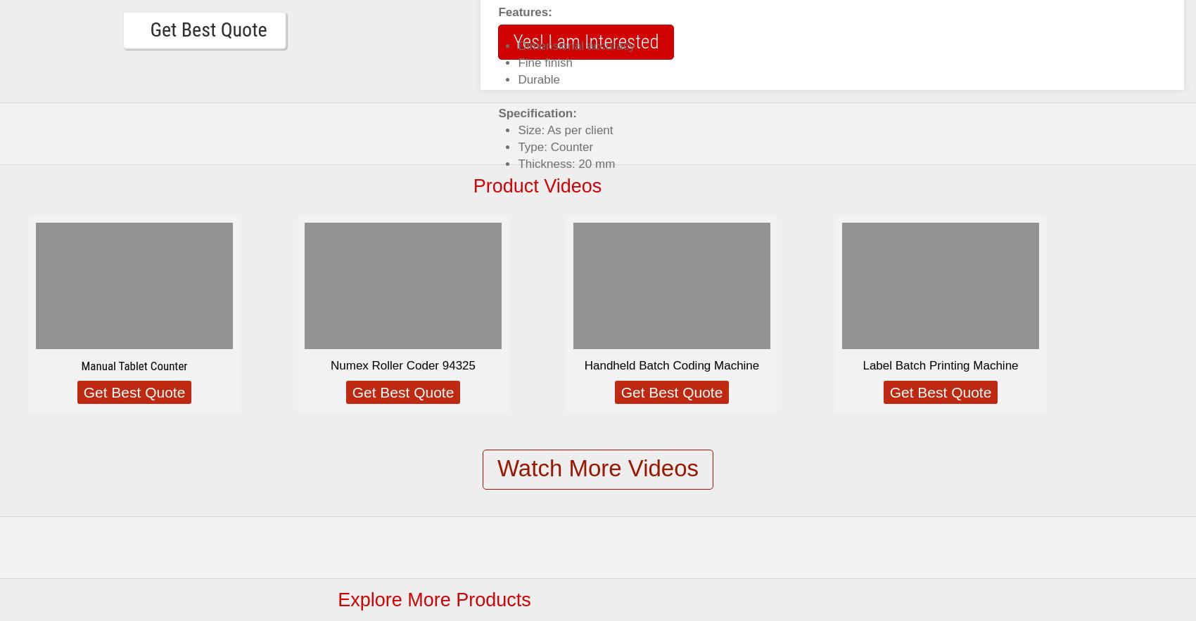 The height and width of the screenshot is (621, 1196). What do you see at coordinates (597, 468) in the screenshot?
I see `'Watch More Videos'` at bounding box center [597, 468].